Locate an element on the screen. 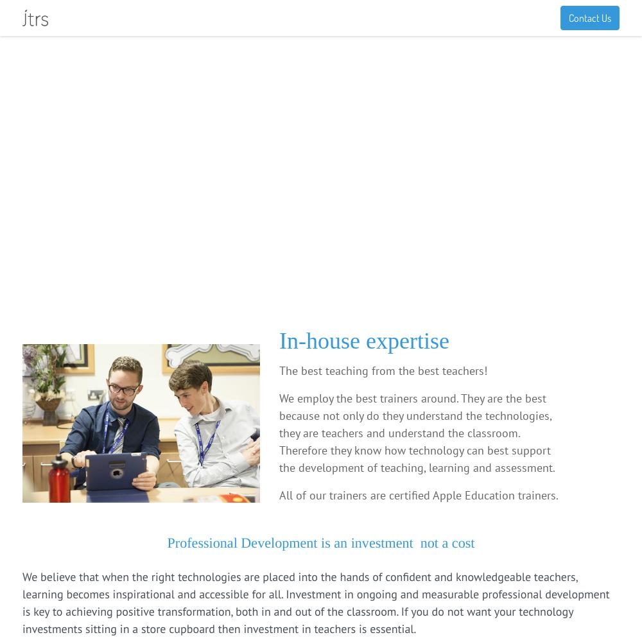  'We employ the best trainers around. All of our trainers are' is located at coordinates (132, 195).